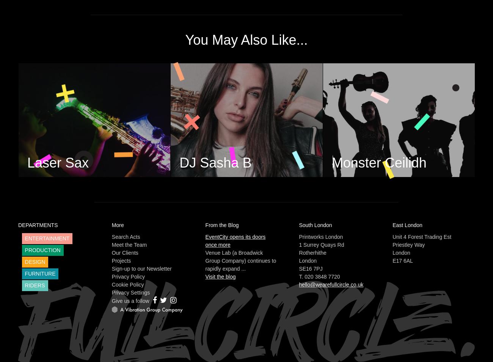  What do you see at coordinates (240, 260) in the screenshot?
I see `'Venue Lab (a Broadwick Group Company) continues to rapidly expand ...'` at bounding box center [240, 260].